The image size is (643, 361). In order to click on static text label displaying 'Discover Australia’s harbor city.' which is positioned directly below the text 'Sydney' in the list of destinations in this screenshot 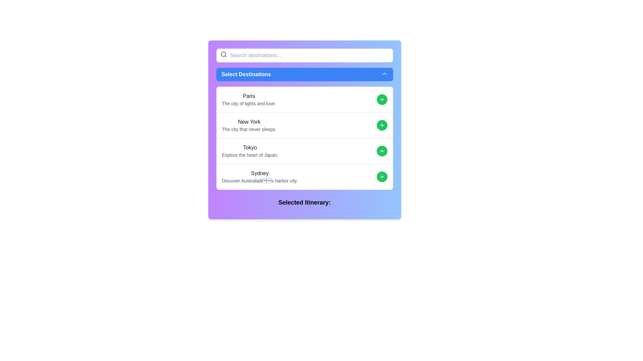, I will do `click(260, 180)`.